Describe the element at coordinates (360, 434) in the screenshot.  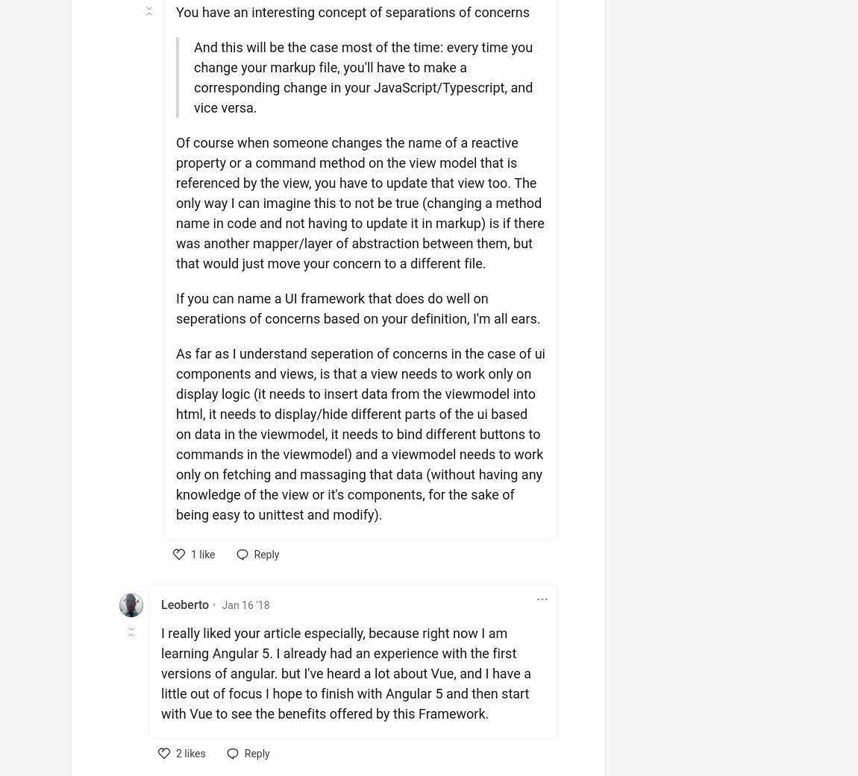
I see `'As far as I understand seperation of concerns in the case of ui components and views, is that a view needs to work only on display logic (it needs to insert data from the viewmodel into html, it needs to display/hide different parts of the ui based on data in the viewmodel, it needs to bind different buttons to commands in the viewmodel) and a viewmodel needs to work only on fetching and massaging that data (without having any knowledge of the view or it's components, for the sake of being easy to unittest and modify).'` at that location.